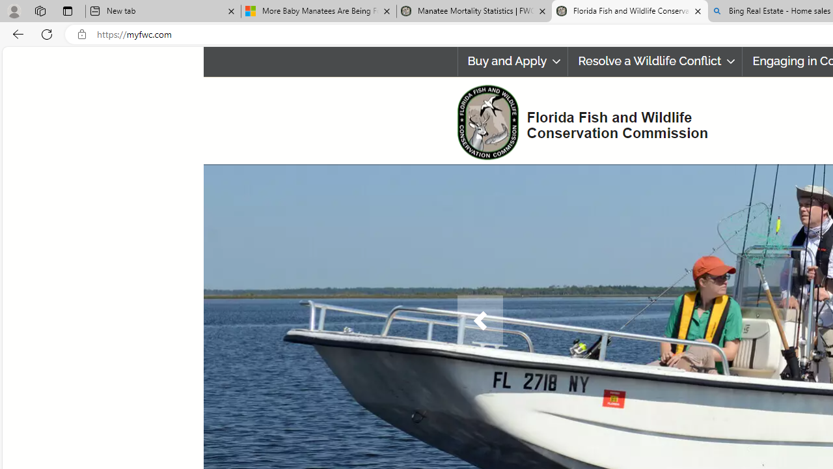 This screenshot has height=469, width=833. What do you see at coordinates (16, 33) in the screenshot?
I see `'Back'` at bounding box center [16, 33].